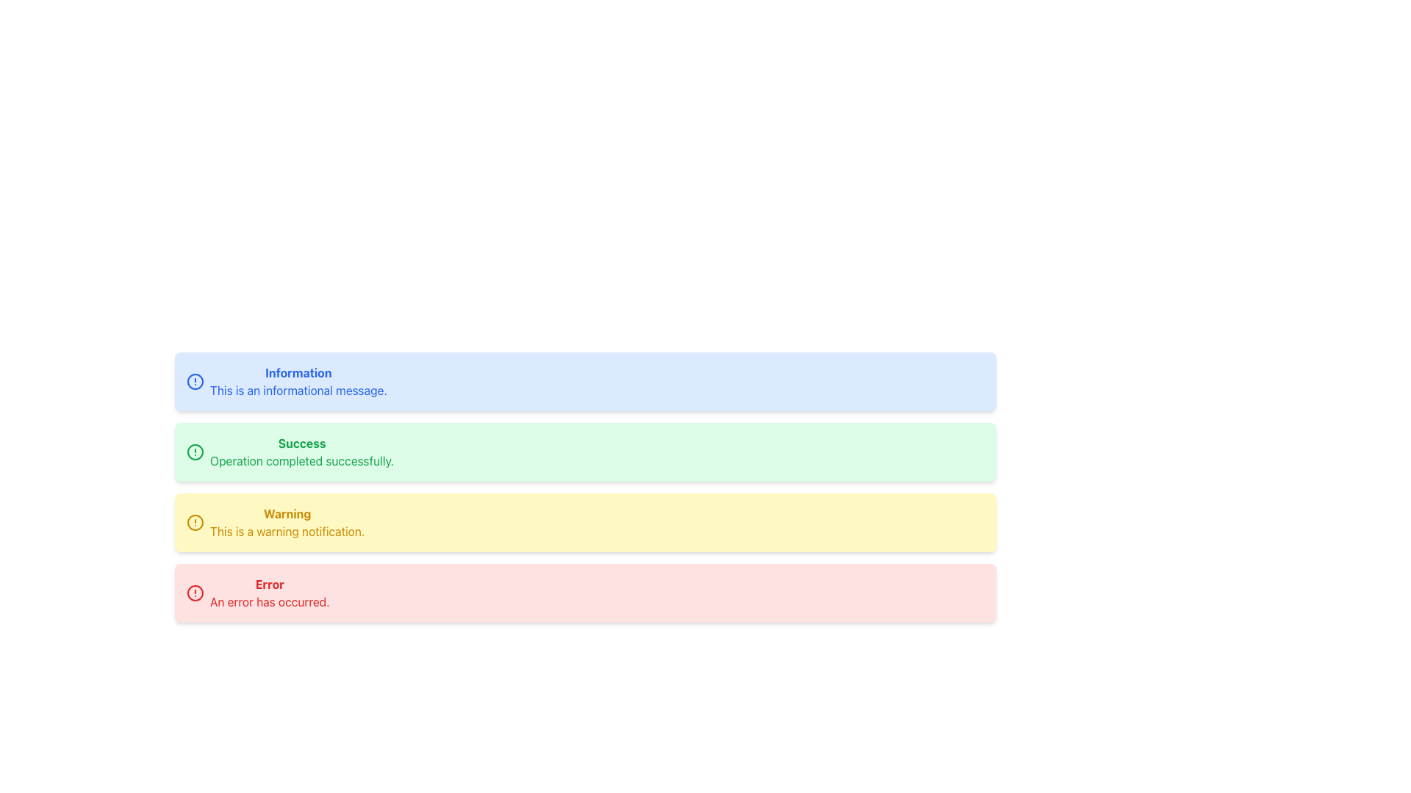 The image size is (1411, 793). What do you see at coordinates (194, 452) in the screenshot?
I see `the green circular icon with a ring and a vertical line, located to the left of the 'Success' text in the notification box indicating 'Operation completed successfully.'` at bounding box center [194, 452].